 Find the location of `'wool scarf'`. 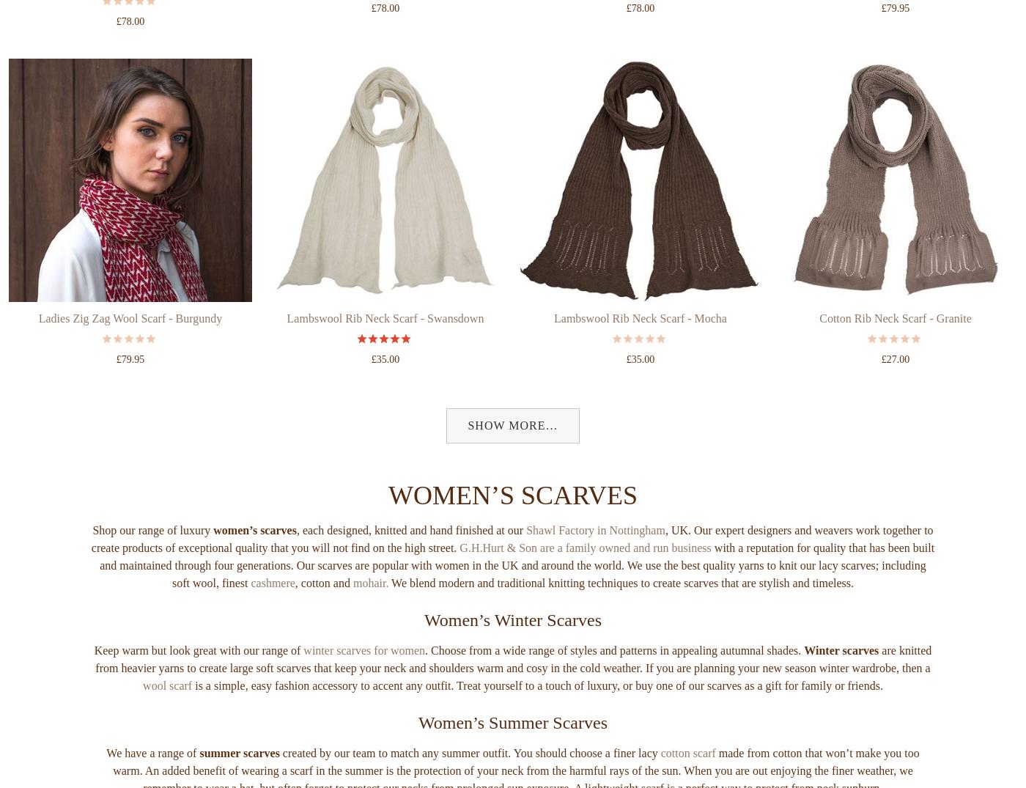

'wool scarf' is located at coordinates (167, 740).